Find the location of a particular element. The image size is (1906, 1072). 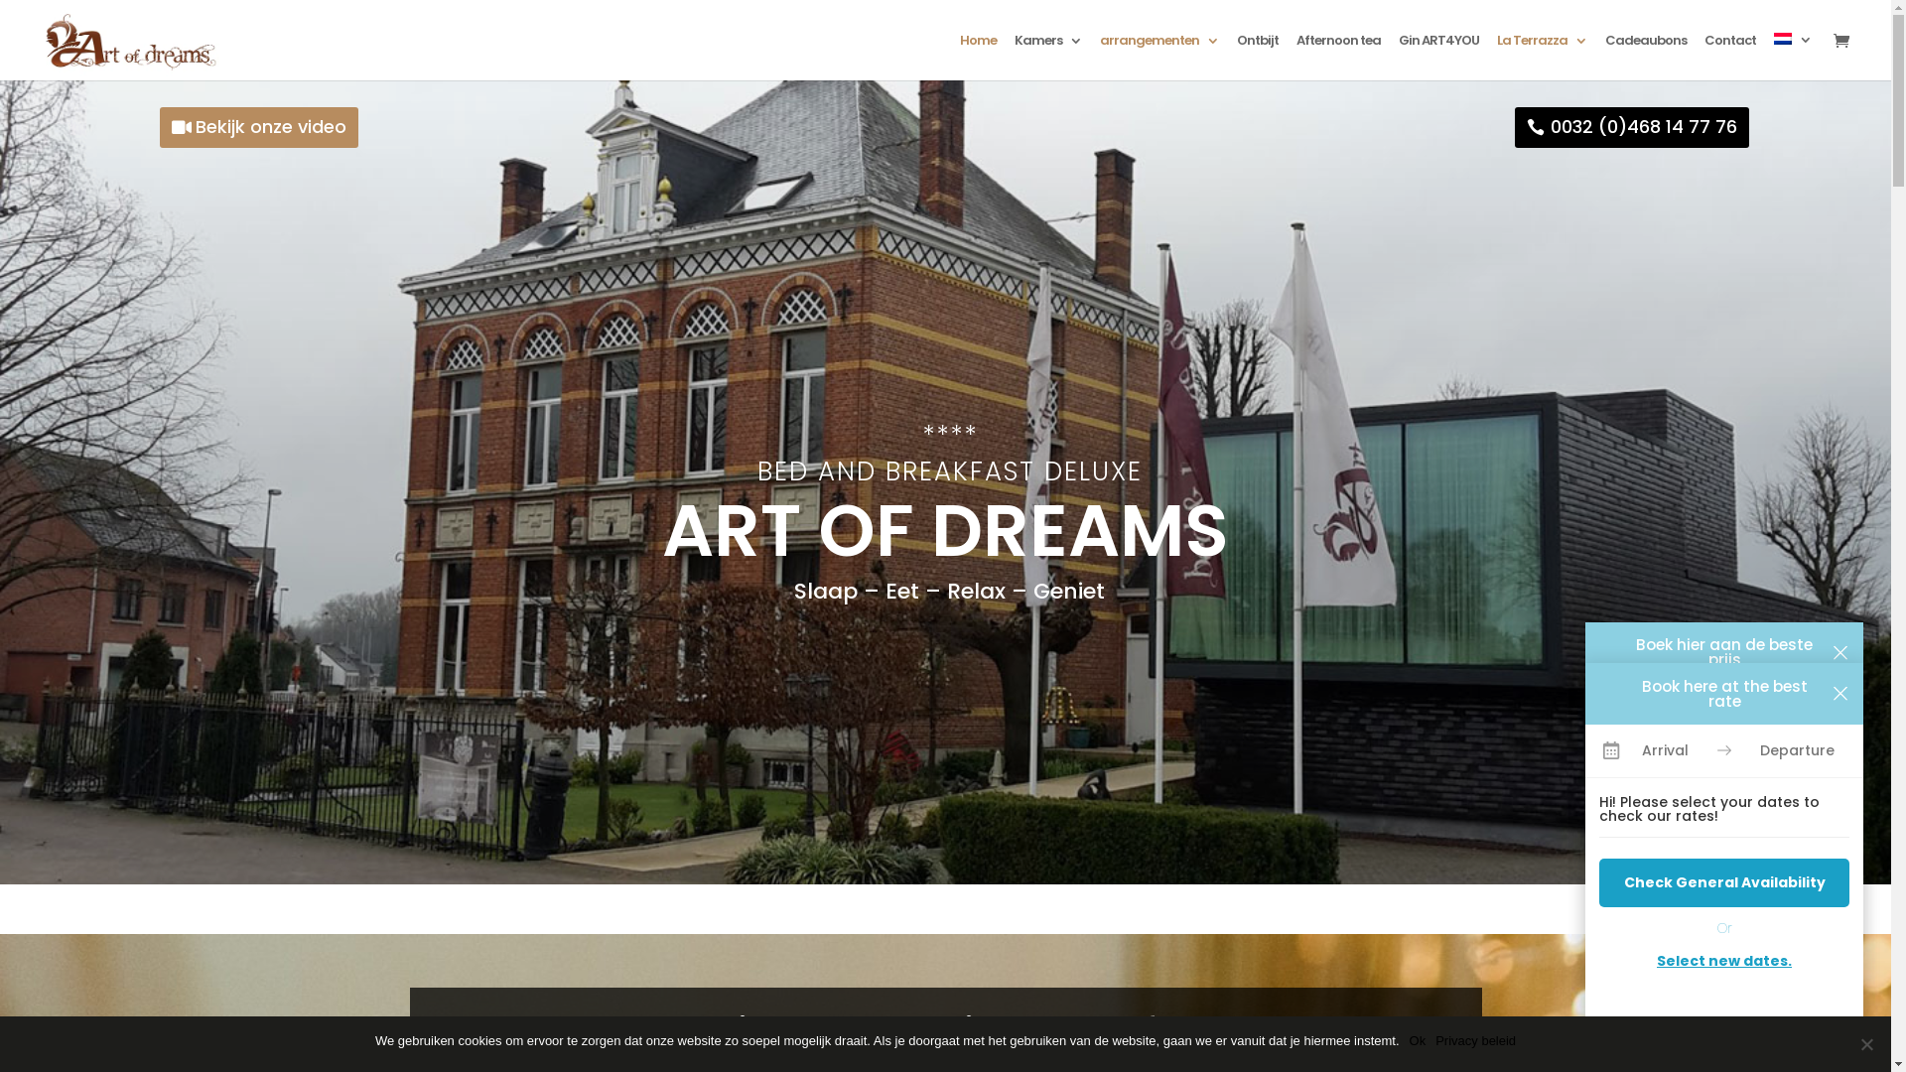

'Selecteer nieuwe data om opnieuw te proberen.' is located at coordinates (1723, 951).